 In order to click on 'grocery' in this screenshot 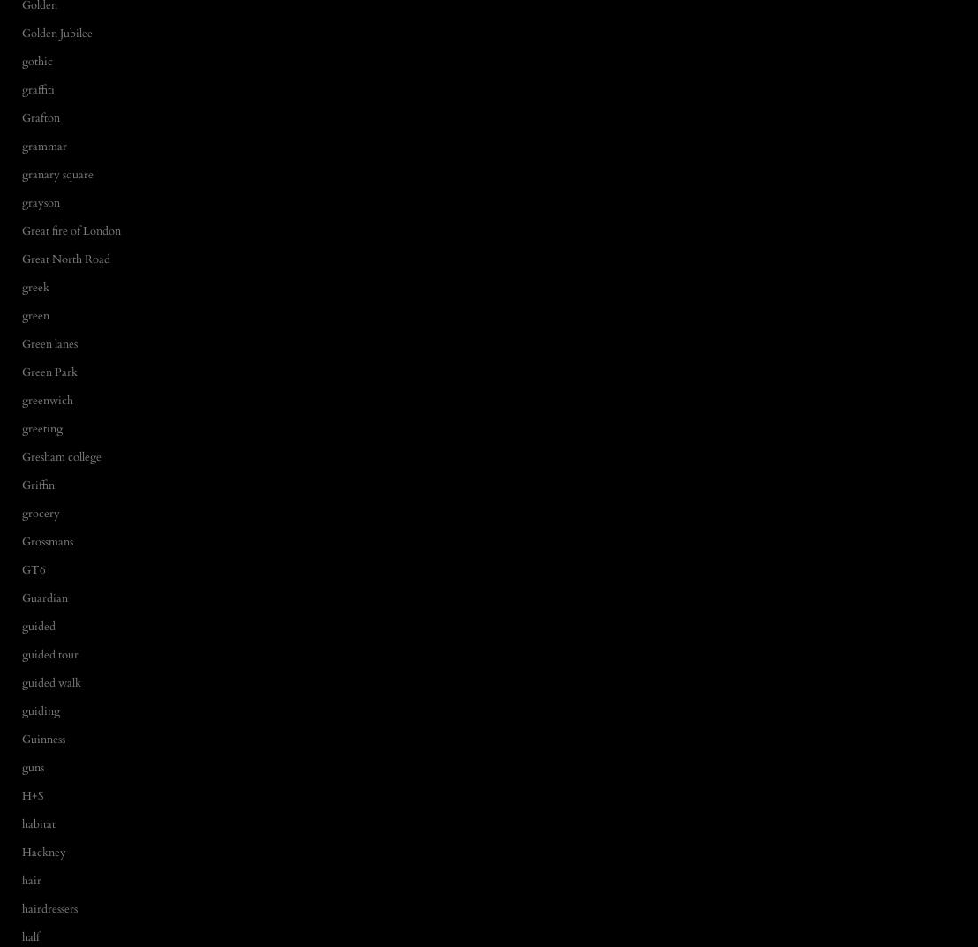, I will do `click(41, 513)`.